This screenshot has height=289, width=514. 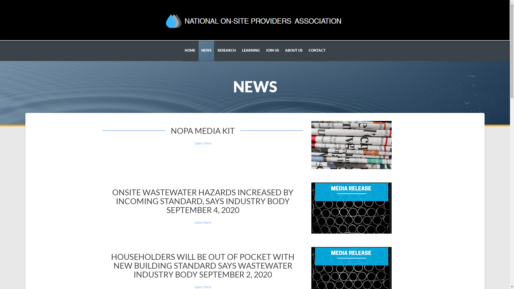 I want to click on 'open here', so click(x=202, y=143).